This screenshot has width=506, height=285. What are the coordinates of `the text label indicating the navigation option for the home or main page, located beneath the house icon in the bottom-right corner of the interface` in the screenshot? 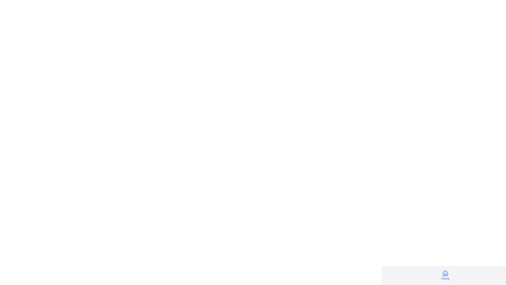 It's located at (445, 278).